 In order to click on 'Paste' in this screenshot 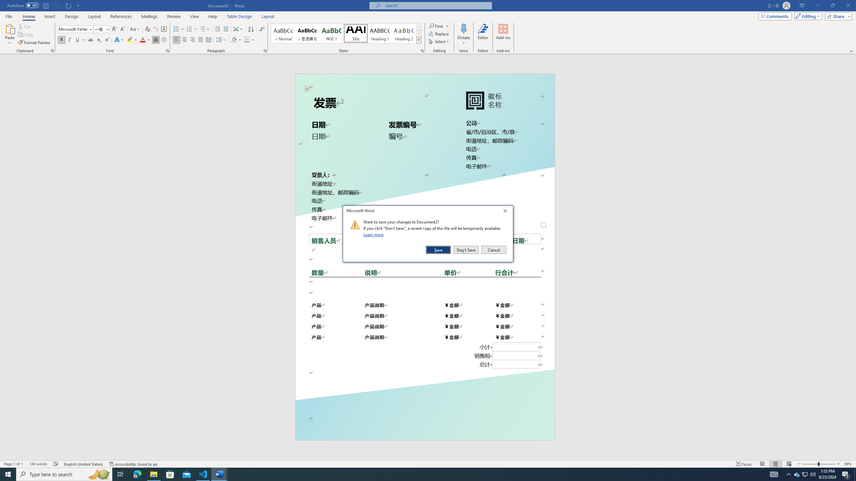, I will do `click(9, 34)`.